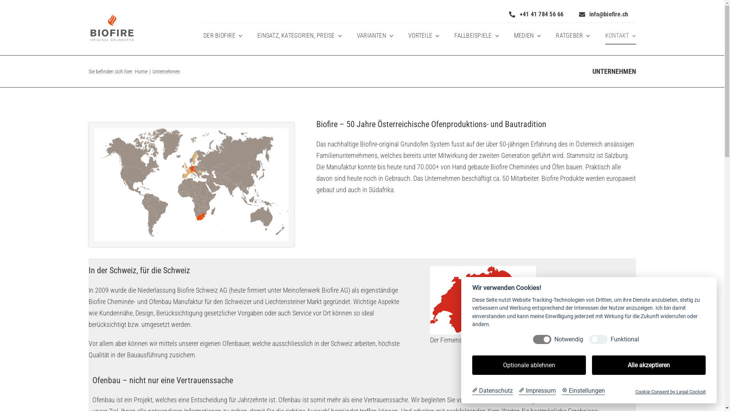  I want to click on 'DER BIOFIRE', so click(222, 36).